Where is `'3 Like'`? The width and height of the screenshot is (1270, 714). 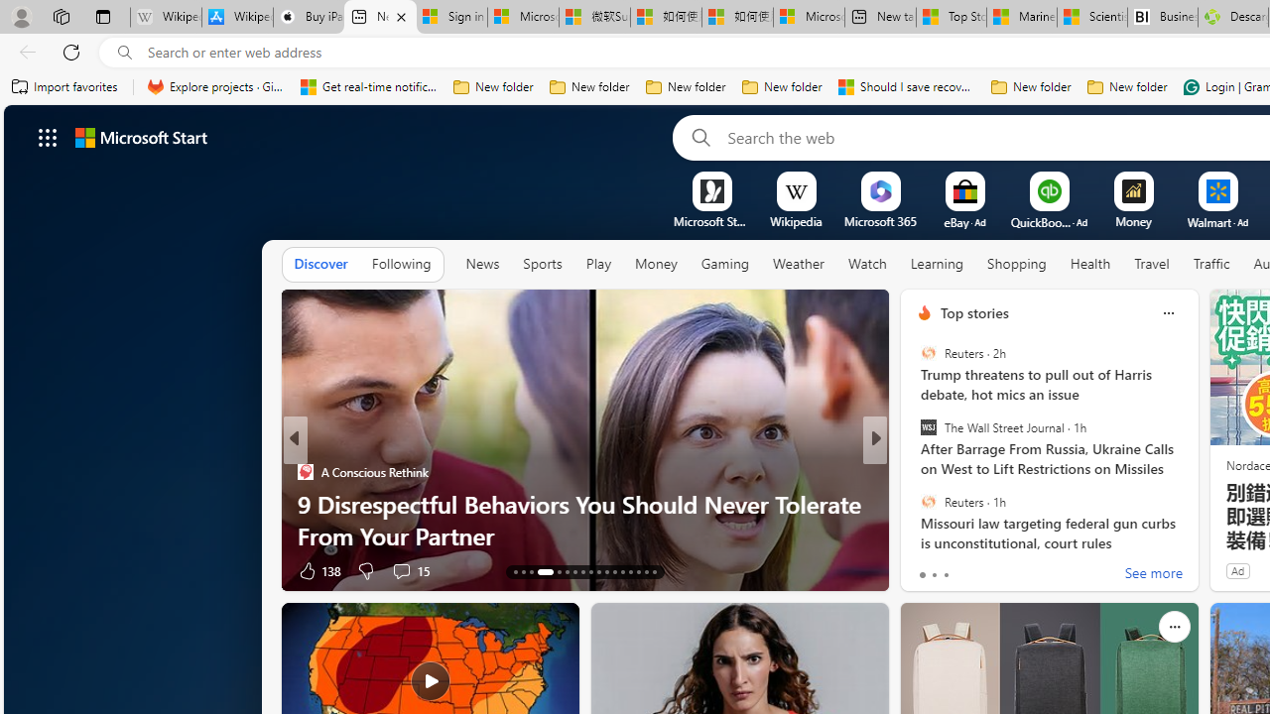
'3 Like' is located at coordinates (922, 570).